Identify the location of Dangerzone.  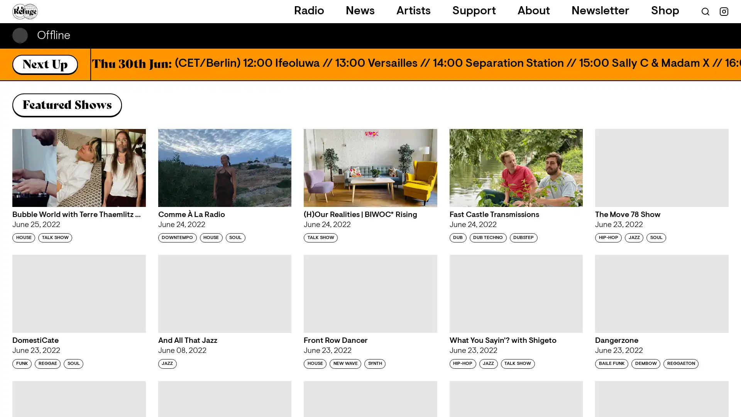
(661, 293).